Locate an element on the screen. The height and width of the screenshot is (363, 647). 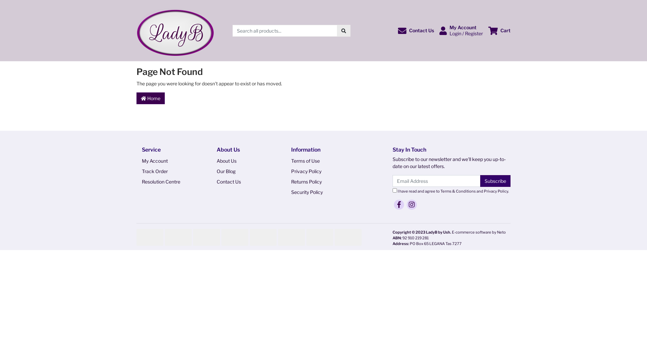
'Track Order' is located at coordinates (168, 171).